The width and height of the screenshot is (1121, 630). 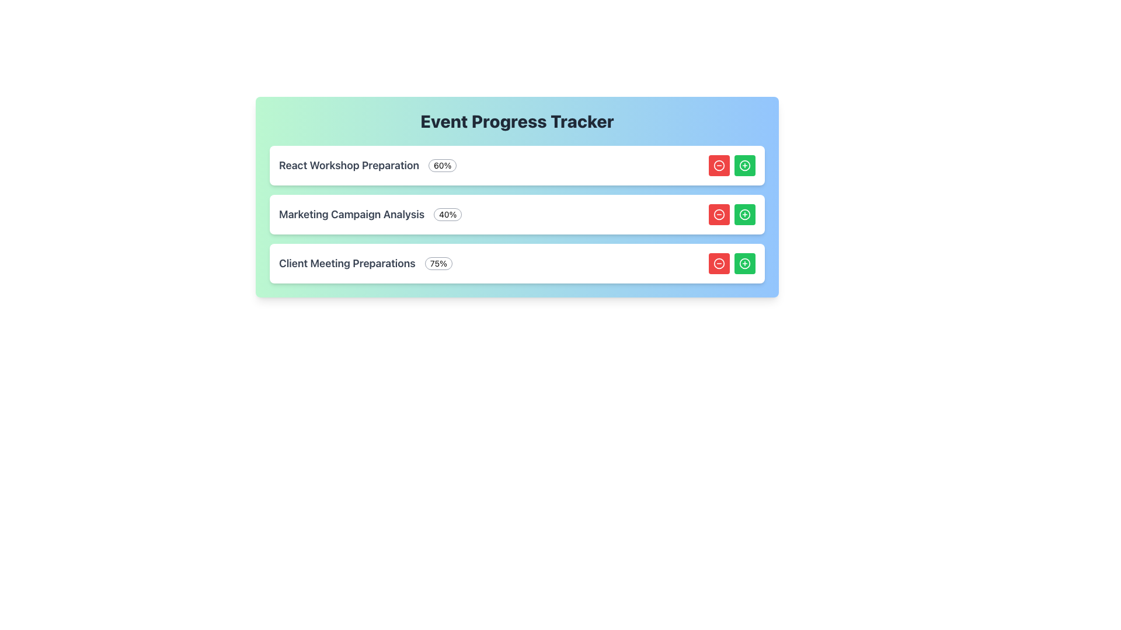 What do you see at coordinates (744, 214) in the screenshot?
I see `the Circle Plus Icon Button, which is a circular icon with a green background and a white '+' sign, located on the far right side of the second row in the green button group` at bounding box center [744, 214].